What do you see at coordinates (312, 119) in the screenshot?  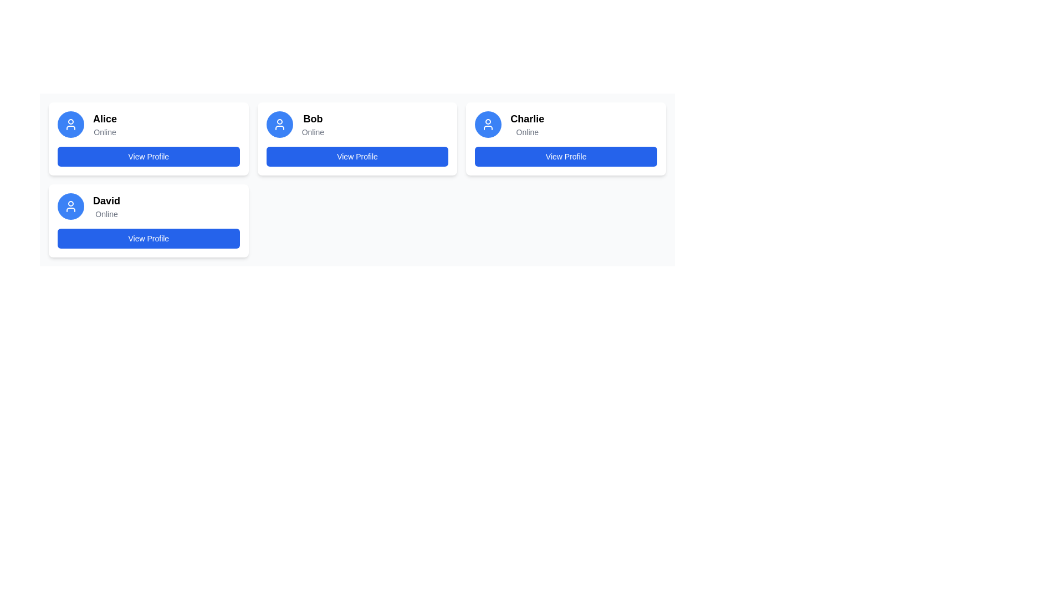 I see `the static text label displaying the name 'Bob' in bold, black font, which is positioned above the text labeled 'Online' in the profile tile layout` at bounding box center [312, 119].